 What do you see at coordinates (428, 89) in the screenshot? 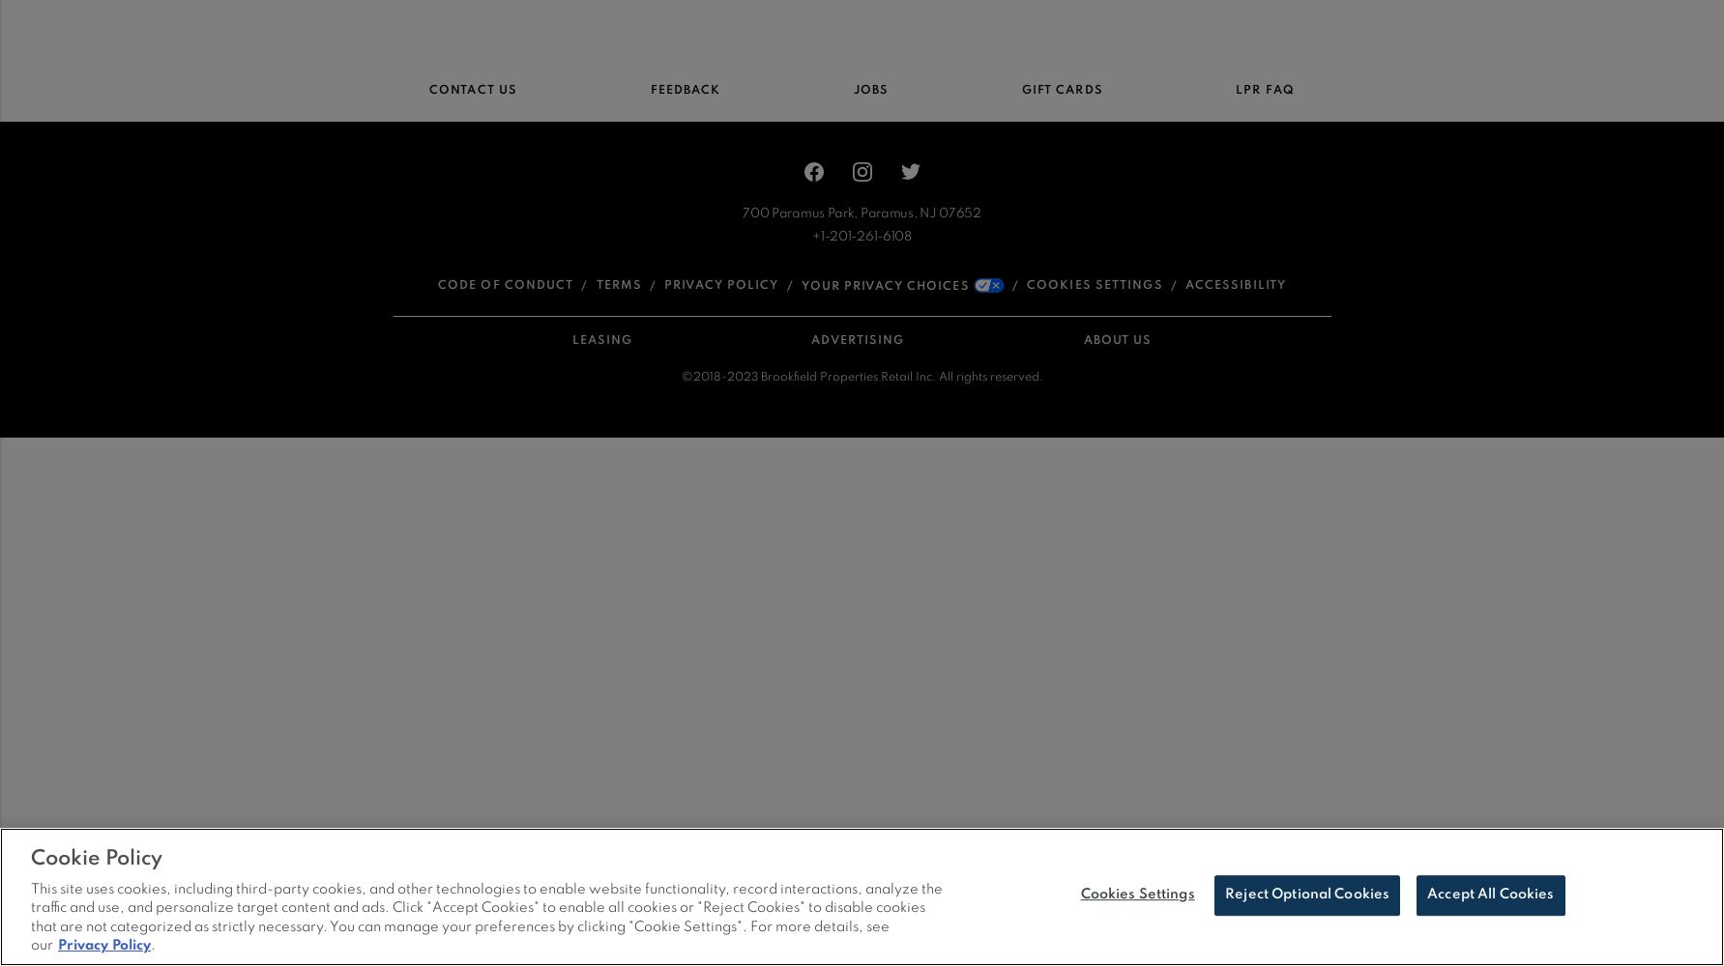
I see `'Contact Us'` at bounding box center [428, 89].